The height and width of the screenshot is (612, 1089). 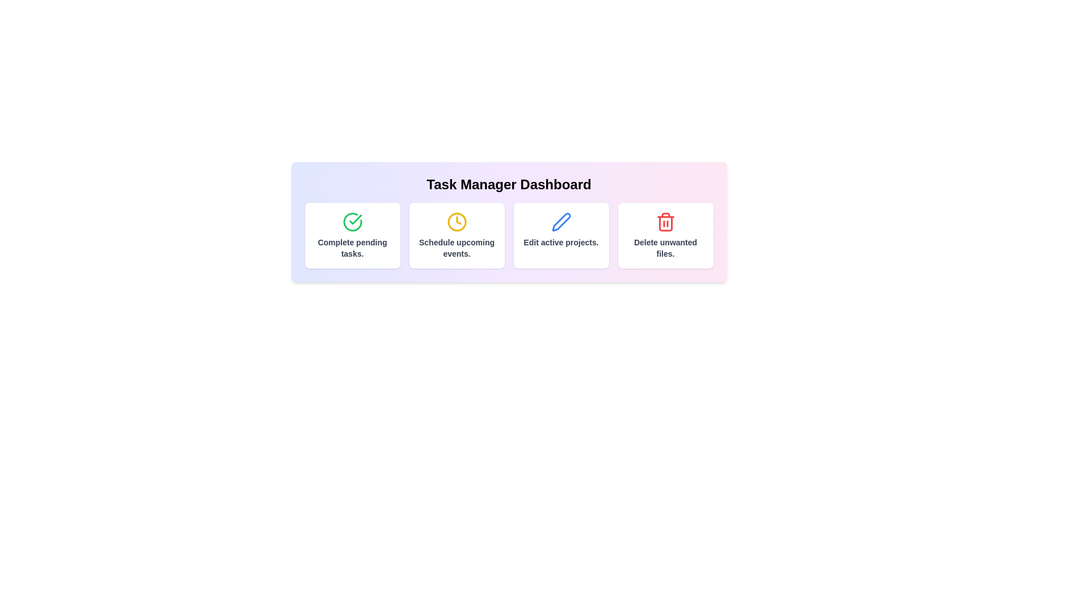 What do you see at coordinates (665, 223) in the screenshot?
I see `the red vertical rectangular structure that forms part of the trash bin icon in the fourth action item labeled 'Delete unwanted files.'` at bounding box center [665, 223].